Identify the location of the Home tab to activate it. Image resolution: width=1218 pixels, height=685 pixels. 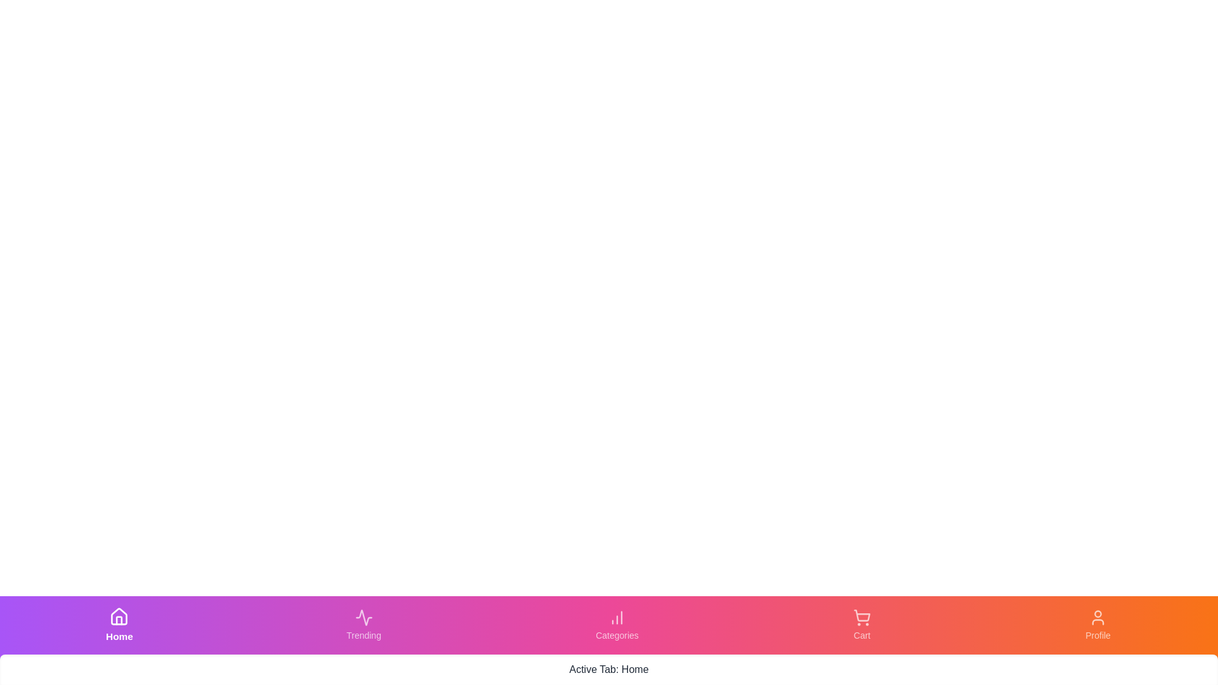
(119, 625).